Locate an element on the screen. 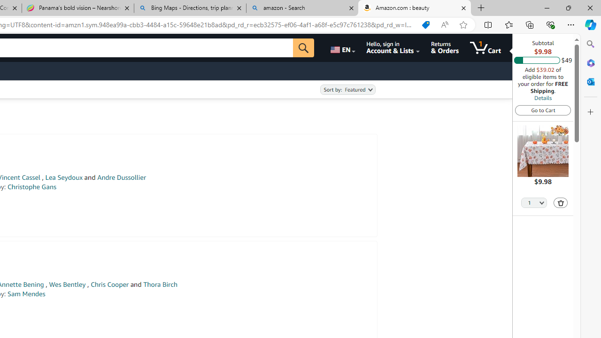  'Thora Birch' is located at coordinates (160, 284).